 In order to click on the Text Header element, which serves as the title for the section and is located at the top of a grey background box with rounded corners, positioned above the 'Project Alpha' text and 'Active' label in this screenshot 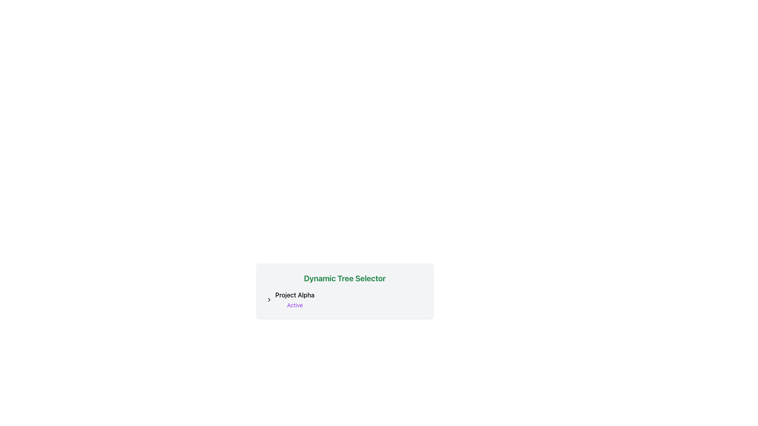, I will do `click(345, 278)`.